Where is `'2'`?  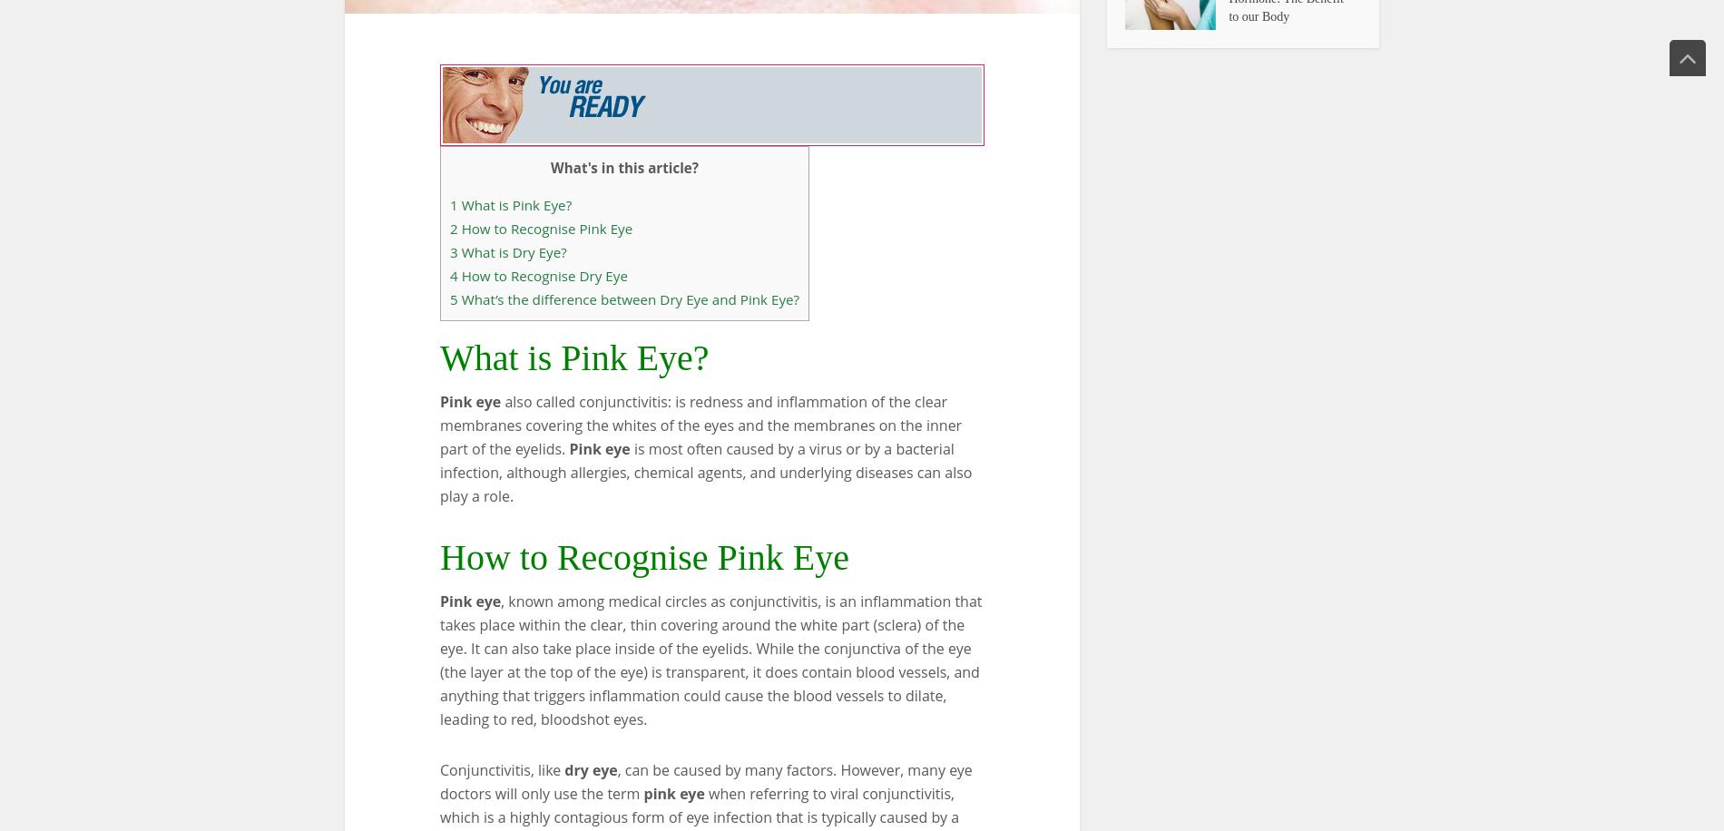 '2' is located at coordinates (454, 228).